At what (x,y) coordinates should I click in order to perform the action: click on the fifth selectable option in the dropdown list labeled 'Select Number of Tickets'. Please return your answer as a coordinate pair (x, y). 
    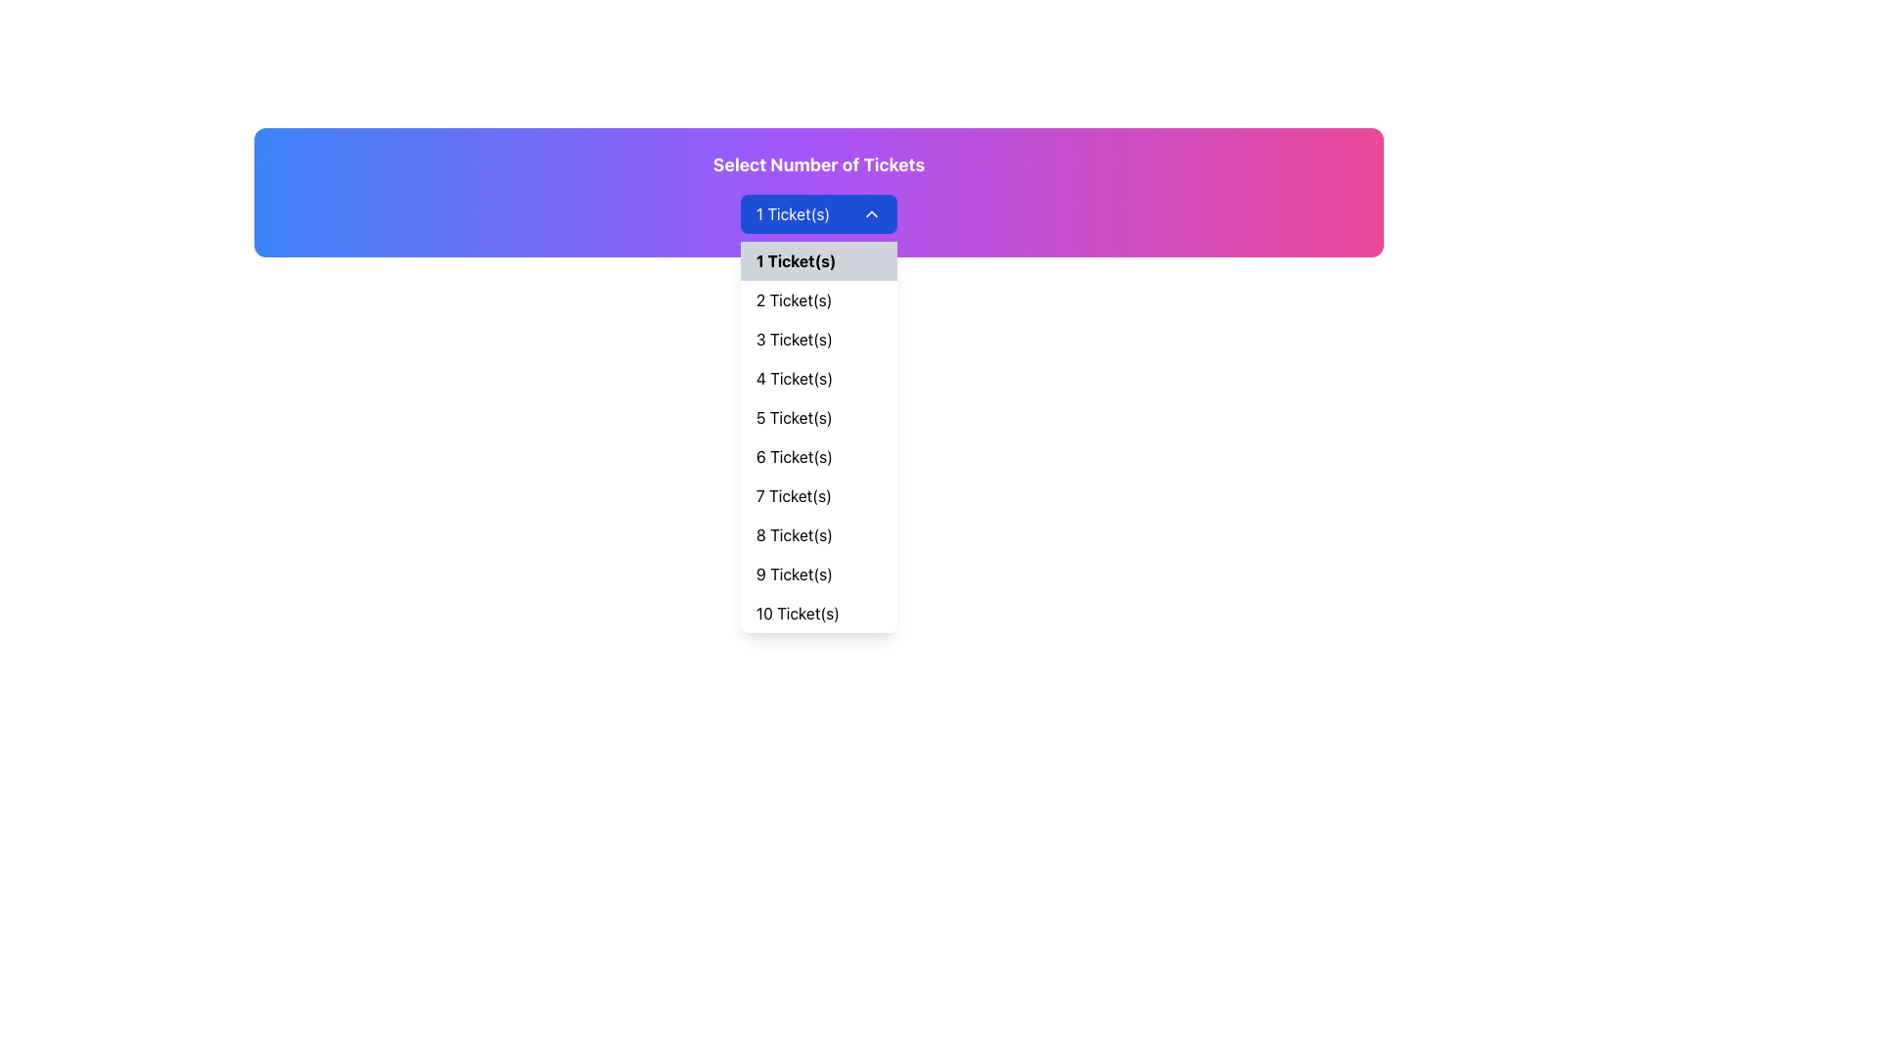
    Looking at the image, I should click on (818, 417).